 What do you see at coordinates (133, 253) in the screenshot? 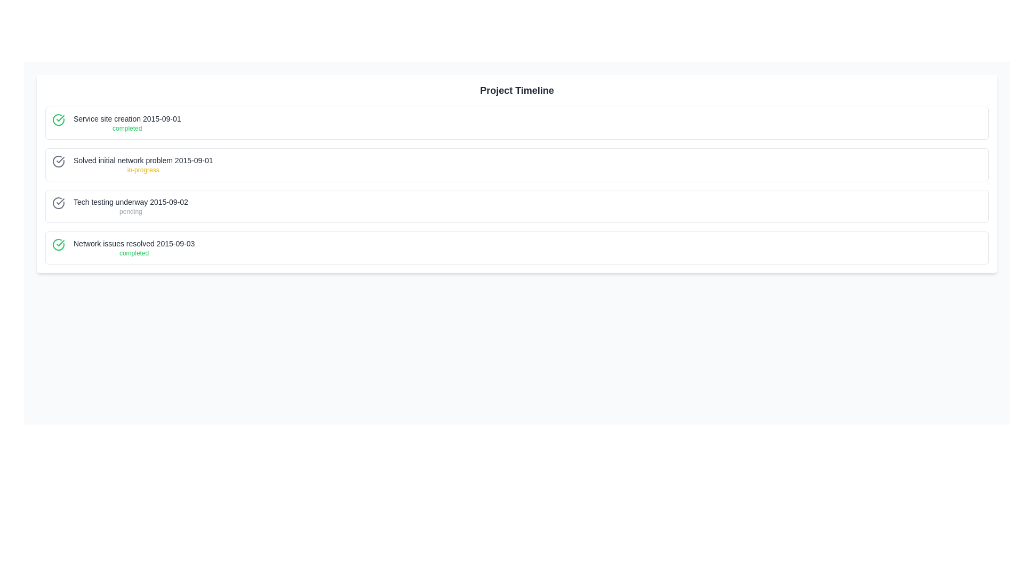
I see `the text label that displays the word 'completed', which is styled in green and located beneath the entry titled 'Network issues resolved 2015-09-03' in the project timeline` at bounding box center [133, 253].